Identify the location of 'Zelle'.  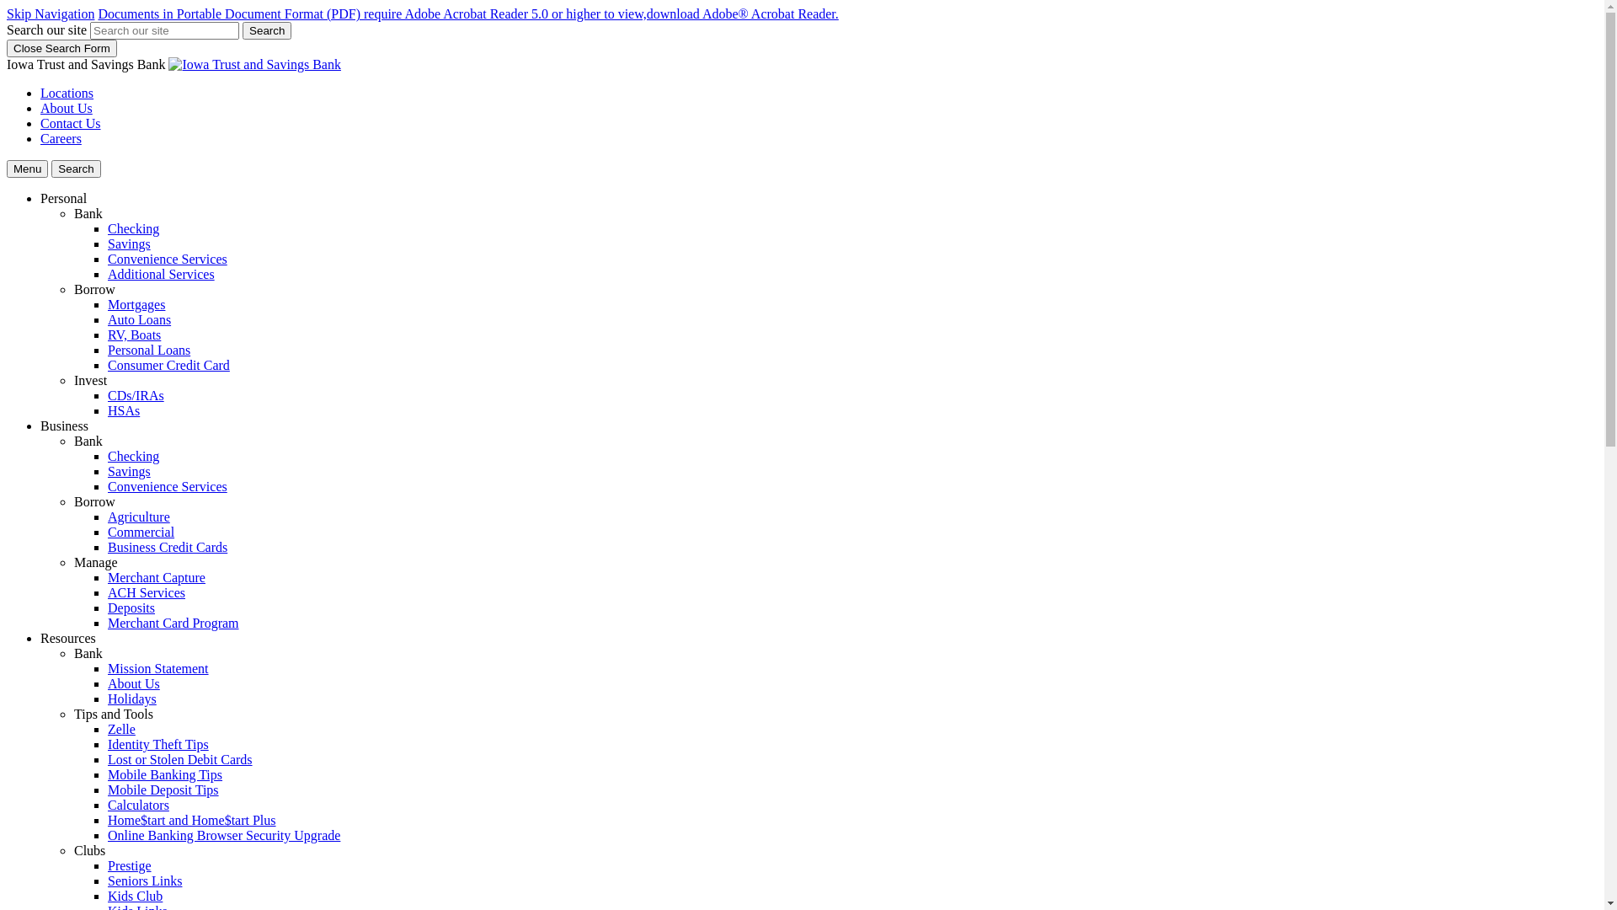
(107, 728).